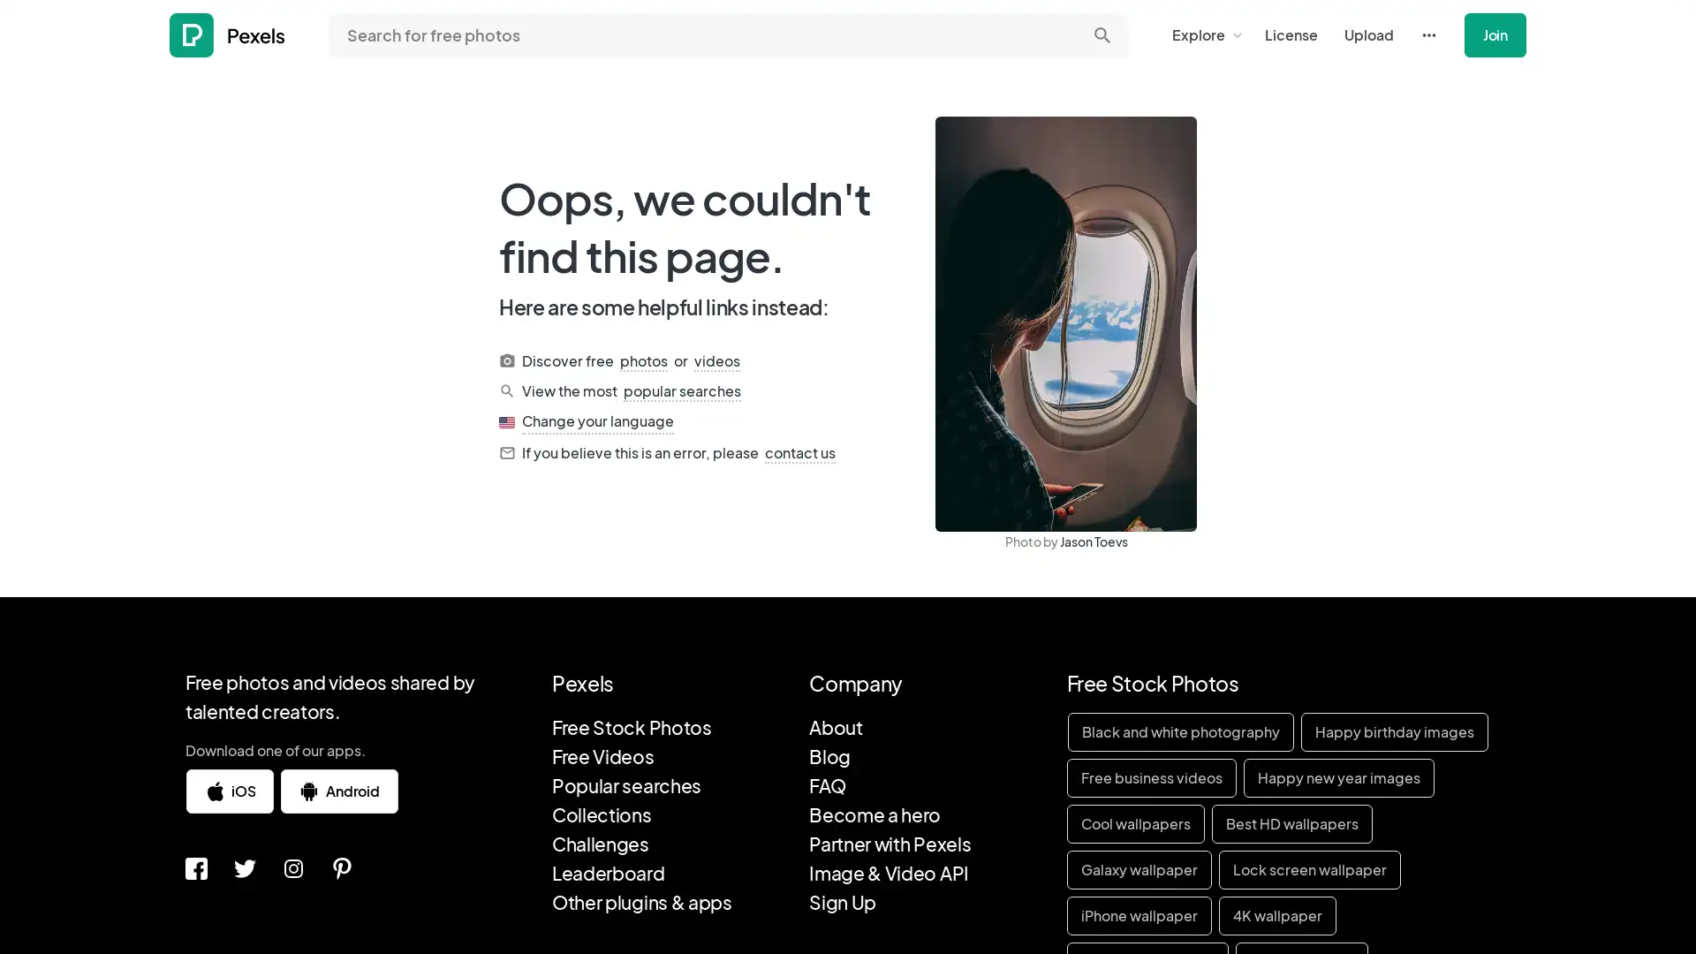 This screenshot has width=1696, height=954. What do you see at coordinates (597, 421) in the screenshot?
I see `Change your language` at bounding box center [597, 421].